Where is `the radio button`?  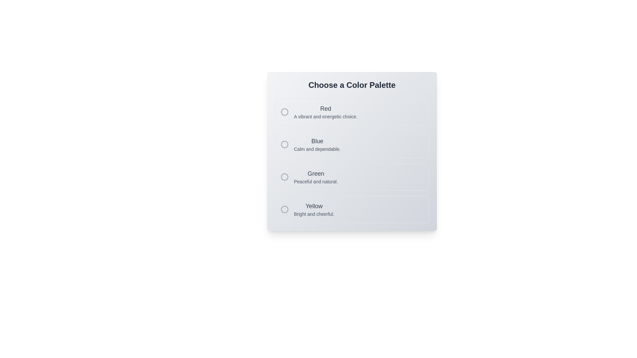 the radio button is located at coordinates (285, 112).